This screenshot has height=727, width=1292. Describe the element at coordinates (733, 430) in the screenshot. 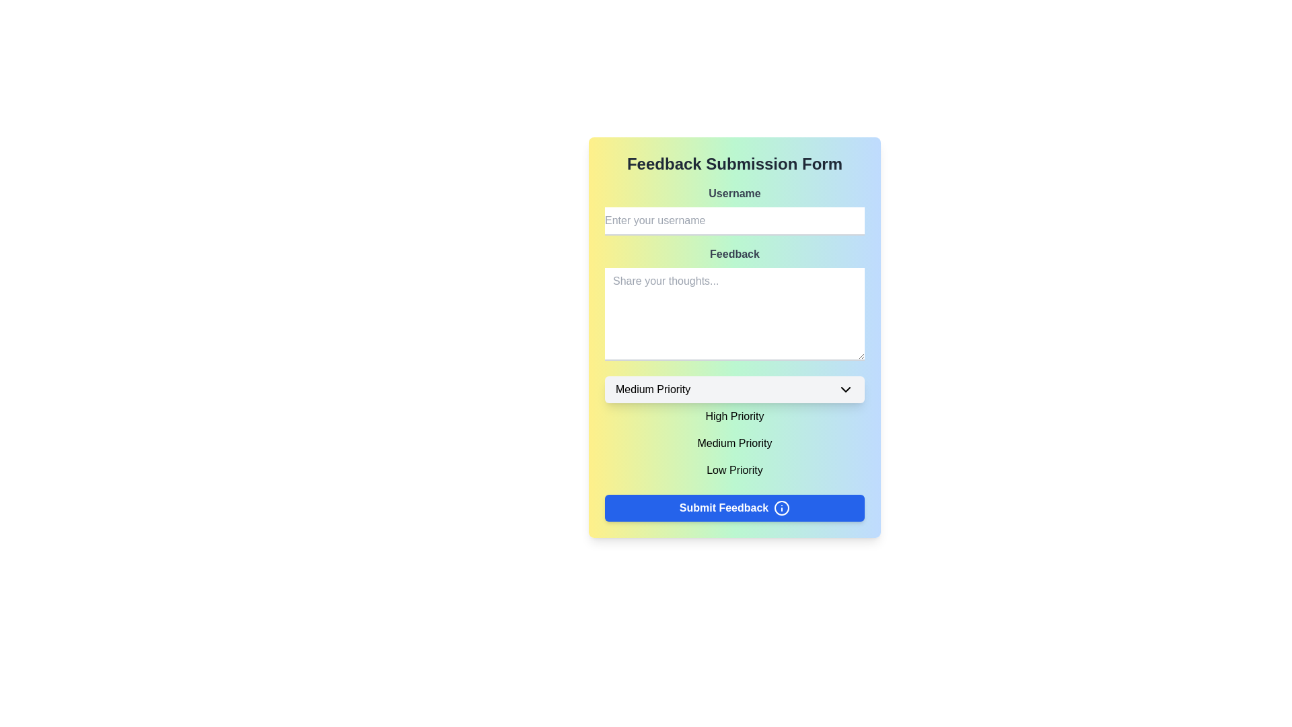

I see `the 'Medium Priority' dropdown option in the Feedback Submission Form, which is styled with a gradient background and contains options for 'High Priority', 'Medium Priority', and 'Low Priority'` at that location.